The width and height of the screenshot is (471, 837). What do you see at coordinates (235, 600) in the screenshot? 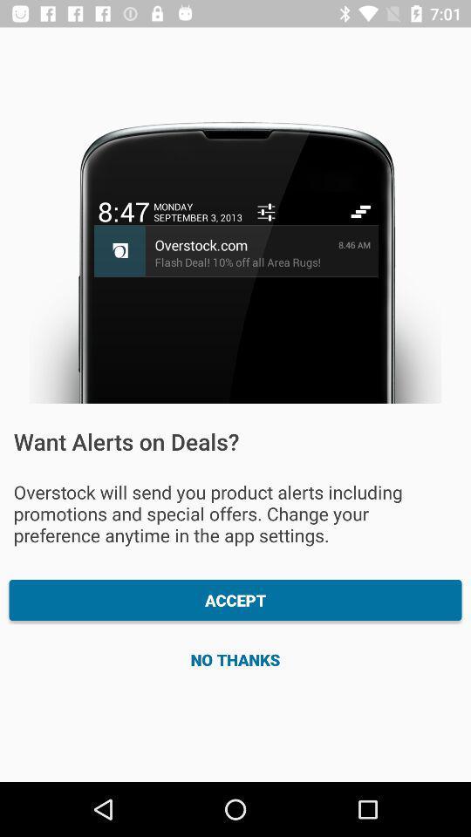
I see `accept icon` at bounding box center [235, 600].